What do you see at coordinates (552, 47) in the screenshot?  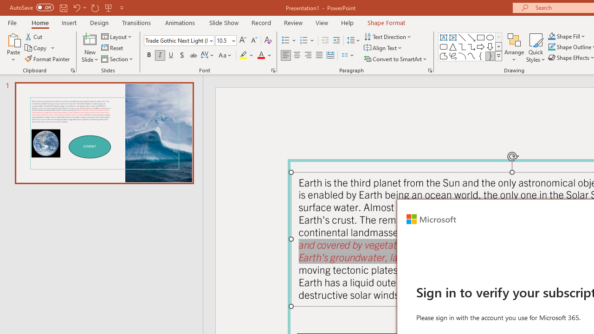 I see `'Shape Outline Teal, Accent 1'` at bounding box center [552, 47].